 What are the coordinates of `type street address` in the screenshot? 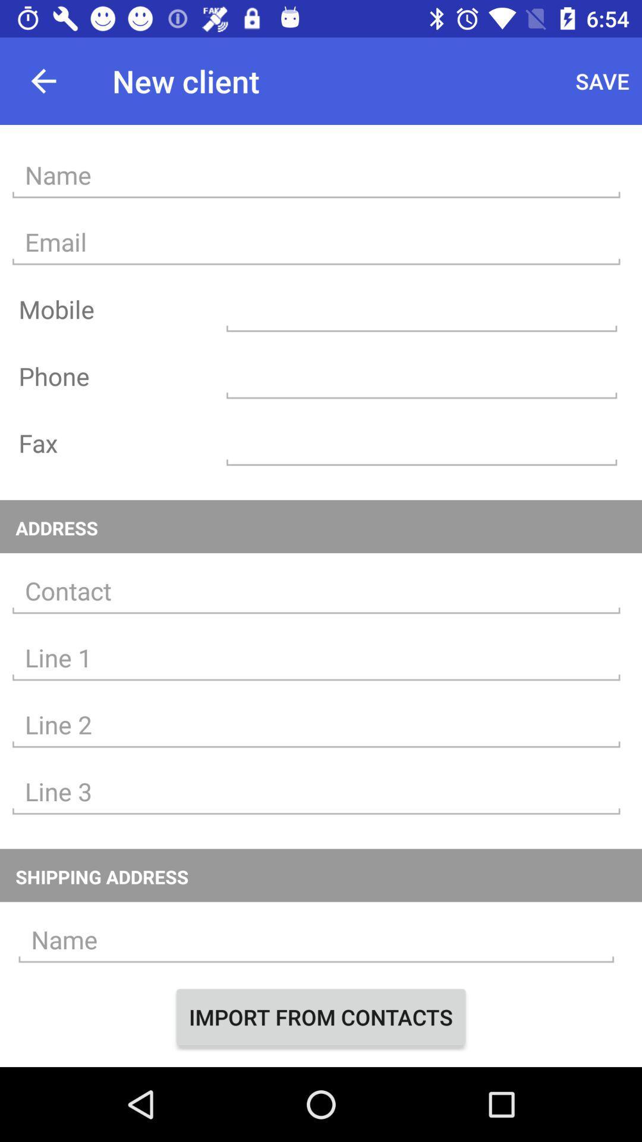 It's located at (316, 657).